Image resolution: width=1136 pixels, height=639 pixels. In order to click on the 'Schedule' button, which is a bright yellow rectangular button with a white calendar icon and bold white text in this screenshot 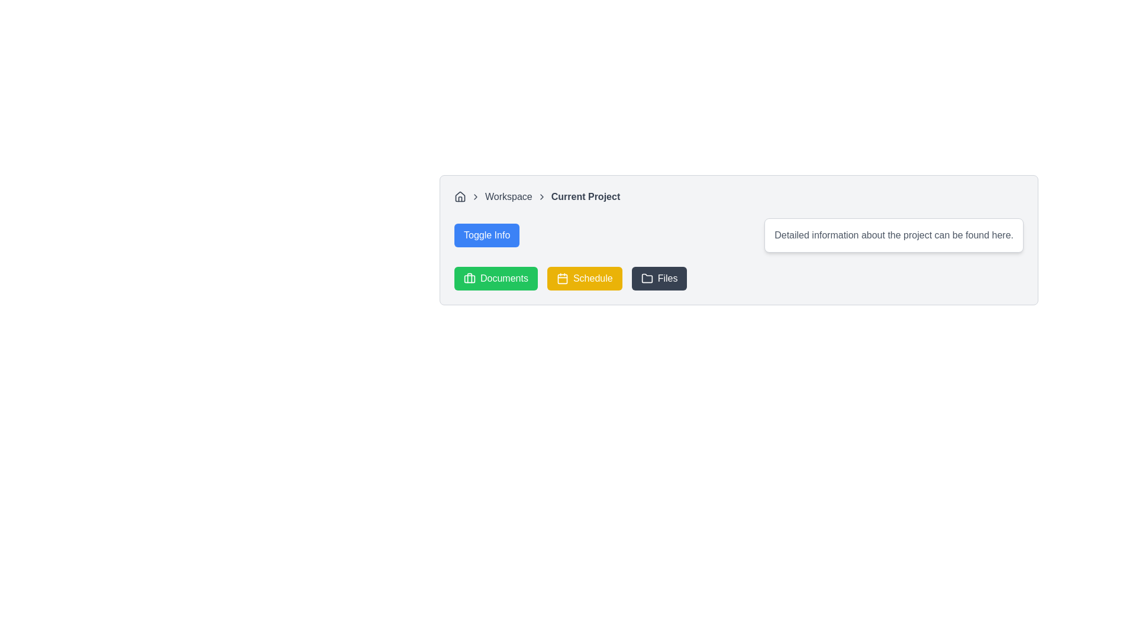, I will do `click(585, 278)`.